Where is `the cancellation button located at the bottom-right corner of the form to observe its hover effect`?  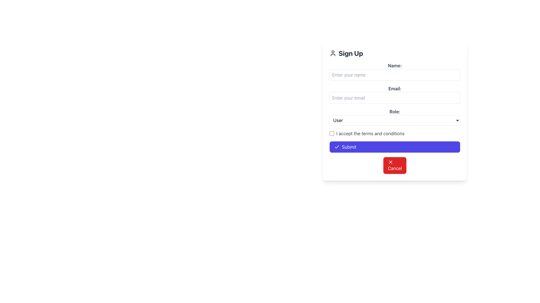 the cancellation button located at the bottom-right corner of the form to observe its hover effect is located at coordinates (394, 165).